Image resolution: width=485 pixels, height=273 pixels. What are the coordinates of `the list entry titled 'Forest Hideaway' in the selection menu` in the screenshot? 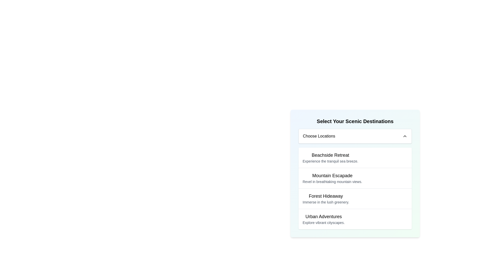 It's located at (355, 198).